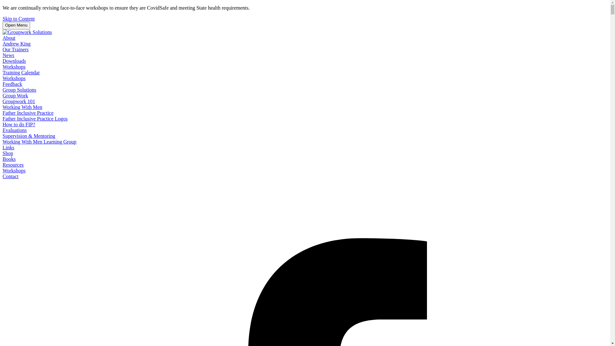  What do you see at coordinates (22, 107) in the screenshot?
I see `'Working With Men'` at bounding box center [22, 107].